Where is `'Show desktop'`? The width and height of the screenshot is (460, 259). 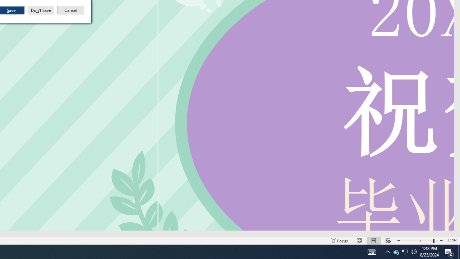 'Show desktop' is located at coordinates (459, 251).